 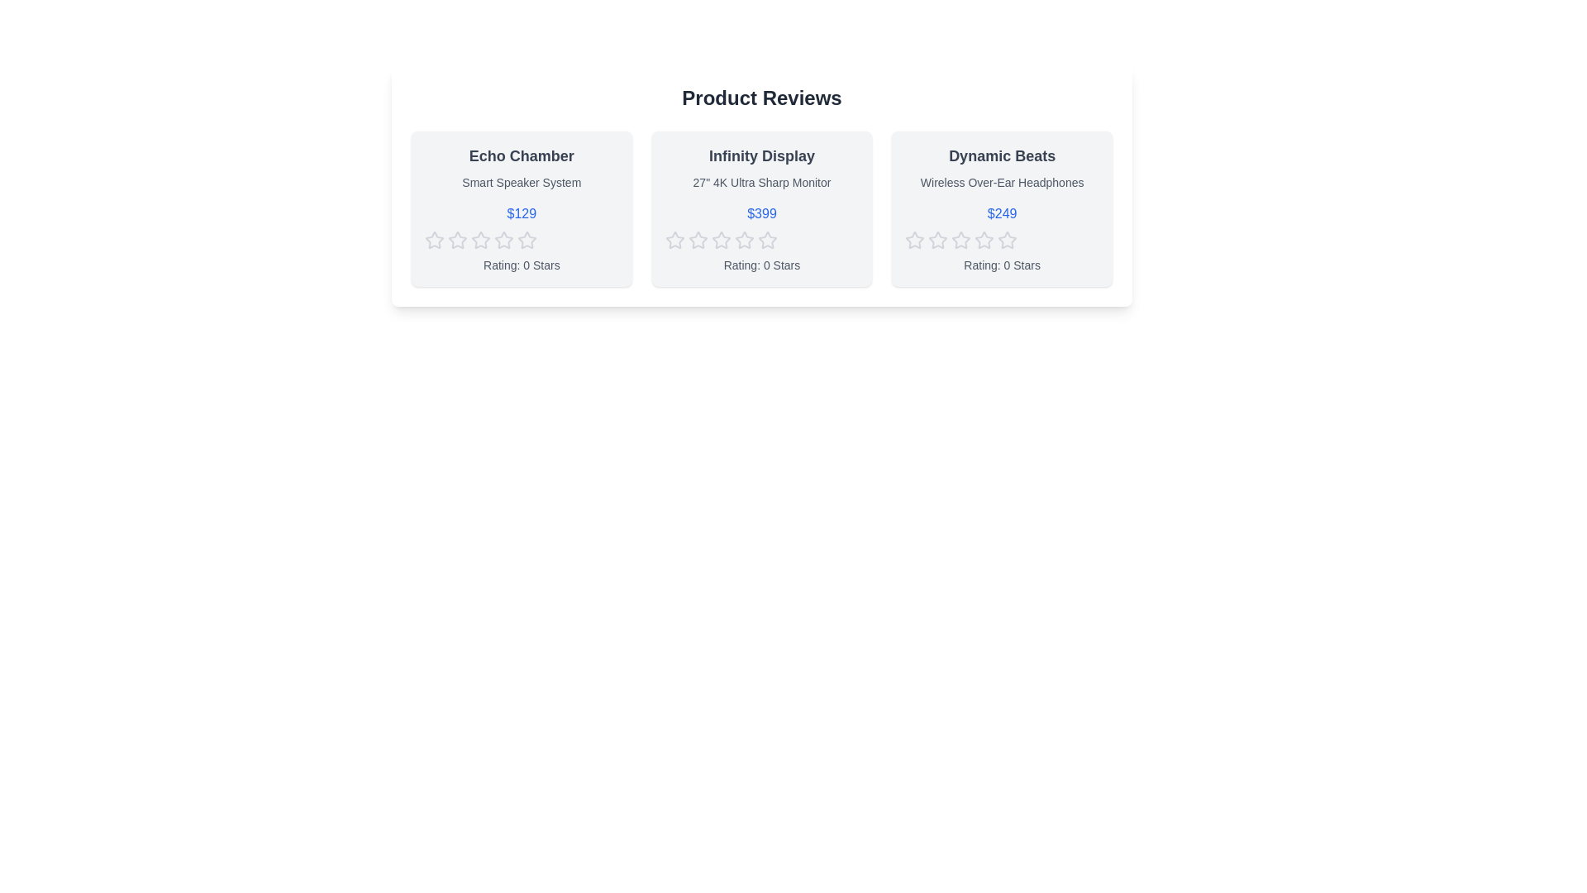 I want to click on the fourth star rating icon in the product card labeled 'Dynamic Beats', which is part of a set of five star icons, so click(x=984, y=240).